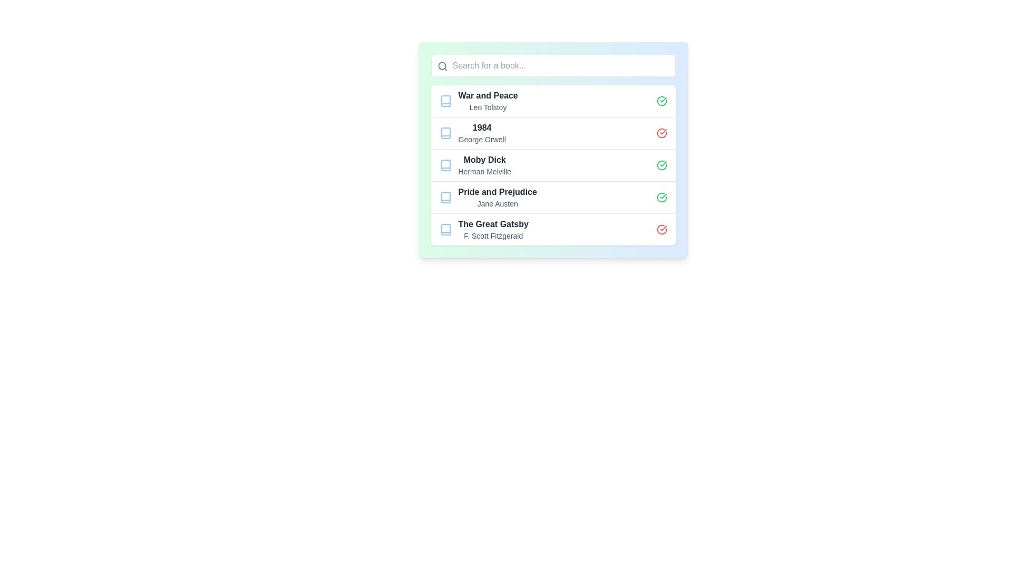 The image size is (1012, 569). Describe the element at coordinates (493, 223) in the screenshot. I see `the text label representing the title of the book, located at the bottom-most item of a vertical list, to interact with nearby elements related to the book` at that location.